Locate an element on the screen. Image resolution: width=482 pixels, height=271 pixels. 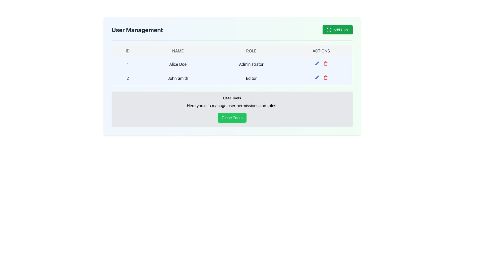
the 'Add User' button with a green background and white text, located in the top-right corner of the 'User Management' section is located at coordinates (337, 30).